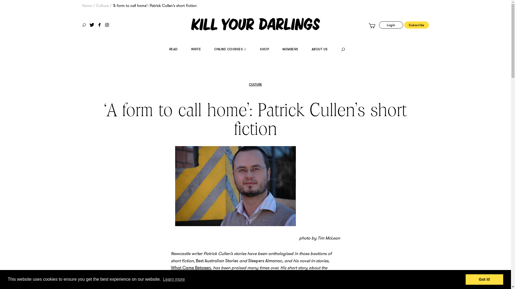  What do you see at coordinates (196, 50) in the screenshot?
I see `'WRITE'` at bounding box center [196, 50].